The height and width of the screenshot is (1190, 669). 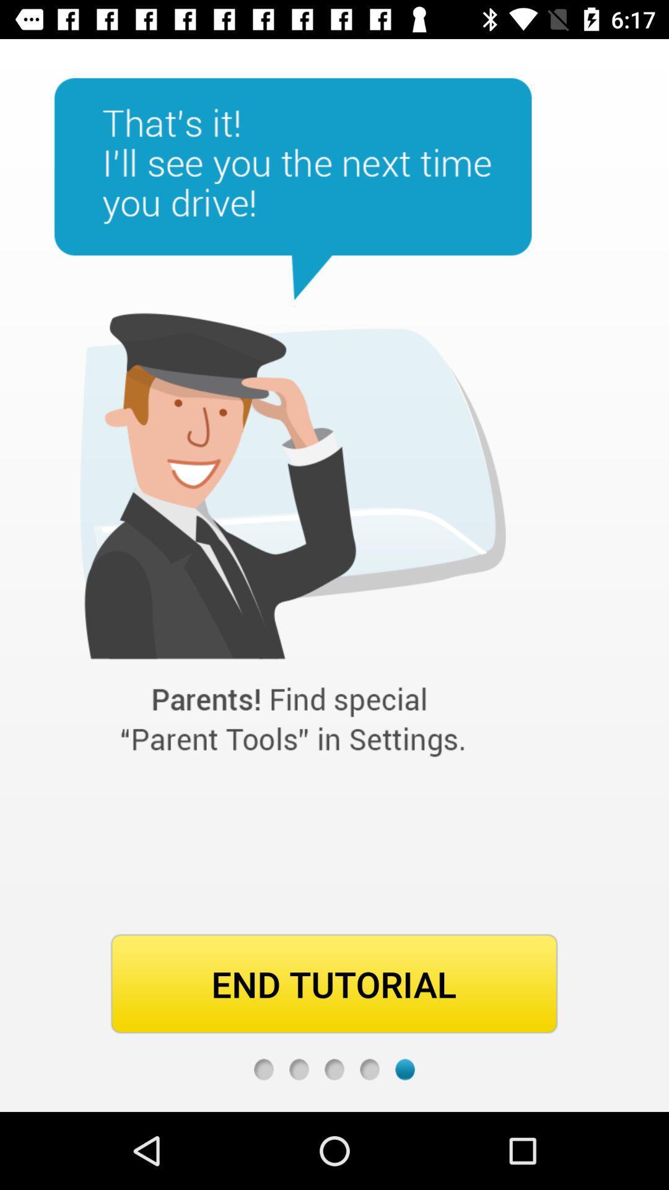 I want to click on fourth page, so click(x=369, y=1069).